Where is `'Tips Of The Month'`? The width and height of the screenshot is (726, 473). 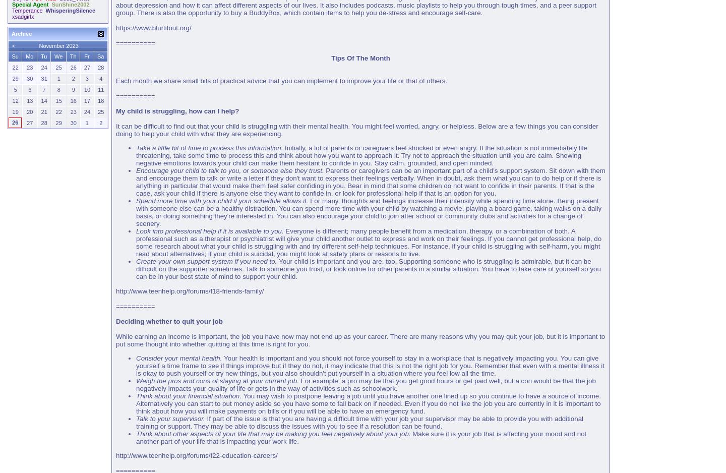
'Tips Of The Month' is located at coordinates (360, 57).